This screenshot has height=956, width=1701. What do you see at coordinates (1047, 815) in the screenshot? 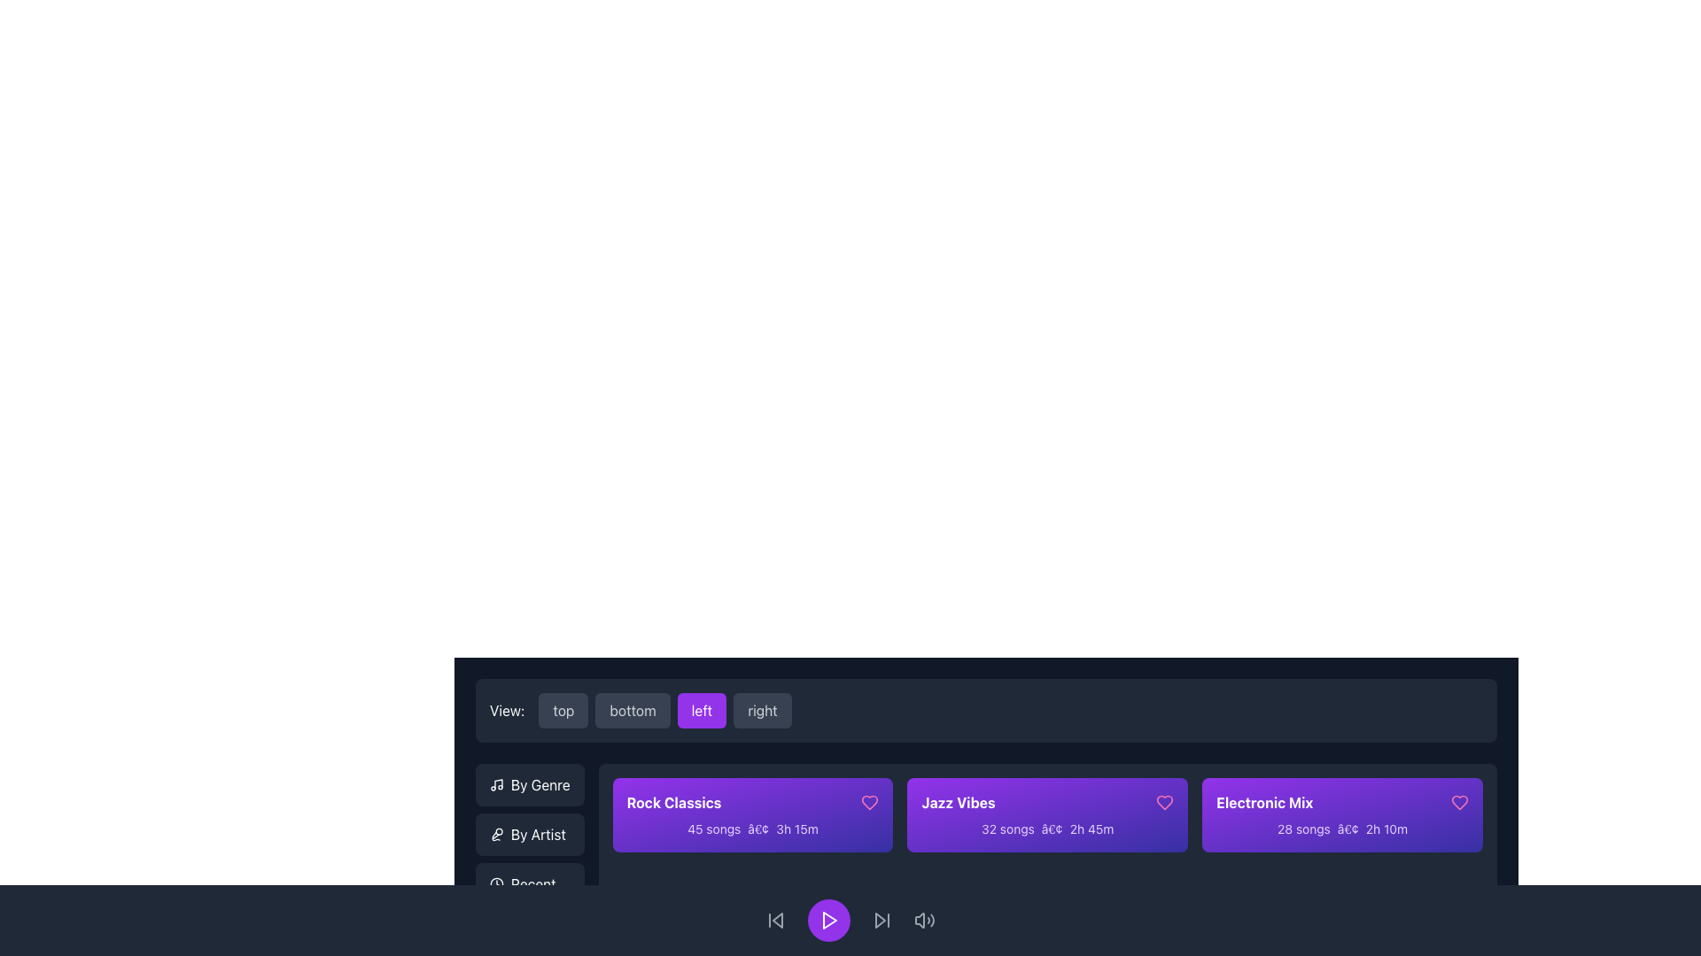
I see `the second card in the playlist information display labeled 'Jazz Vibes'` at bounding box center [1047, 815].